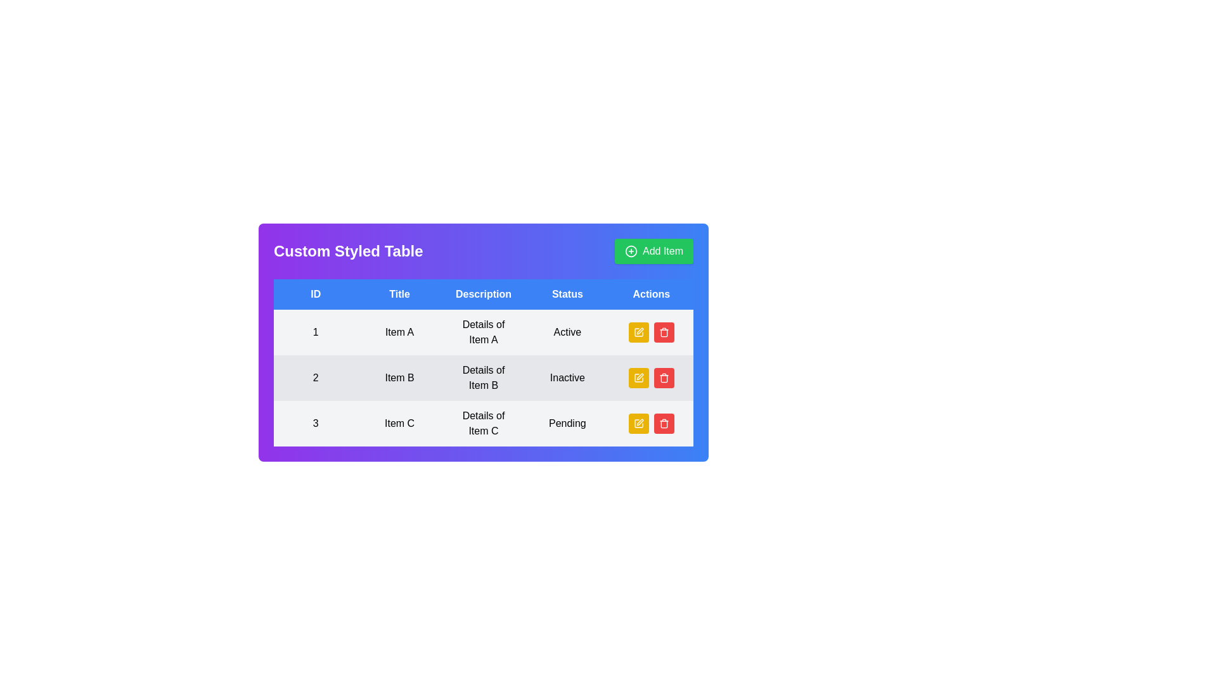 Image resolution: width=1217 pixels, height=684 pixels. What do you see at coordinates (399, 331) in the screenshot?
I see `the text cell displaying 'Item A' in the first row of the table under the 'Title' column, which has a light gray background and is styled with padding` at bounding box center [399, 331].